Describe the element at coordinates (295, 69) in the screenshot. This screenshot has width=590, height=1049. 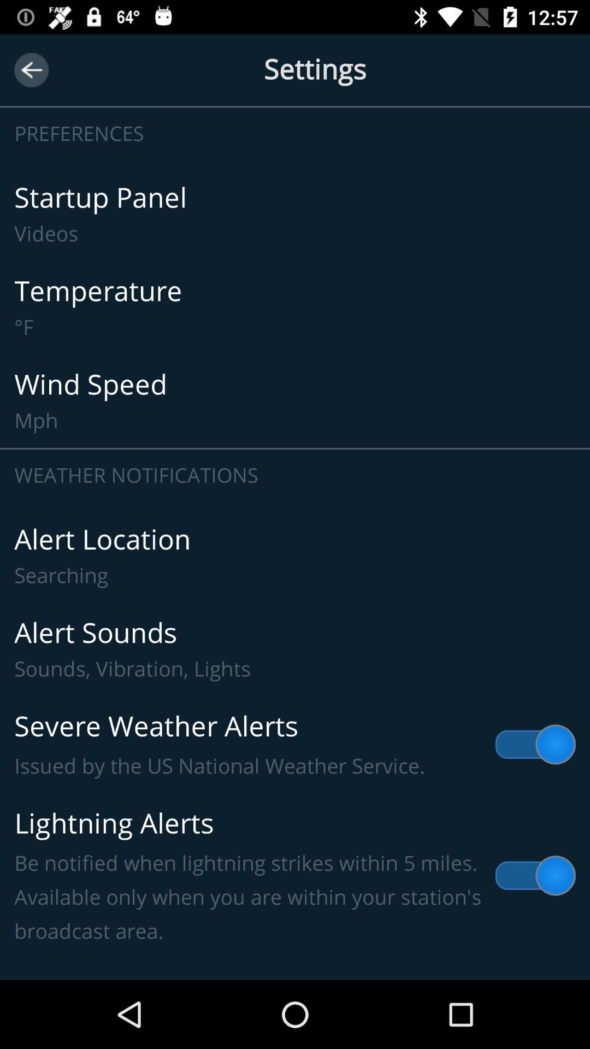
I see `setting option` at that location.